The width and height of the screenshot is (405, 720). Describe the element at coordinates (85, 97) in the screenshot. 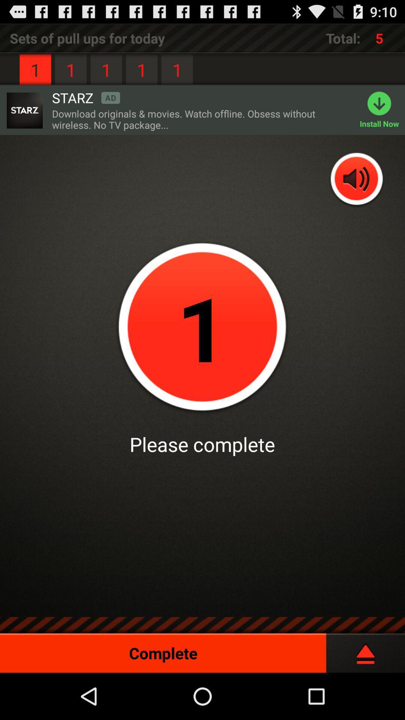

I see `the app next to the 1 item` at that location.